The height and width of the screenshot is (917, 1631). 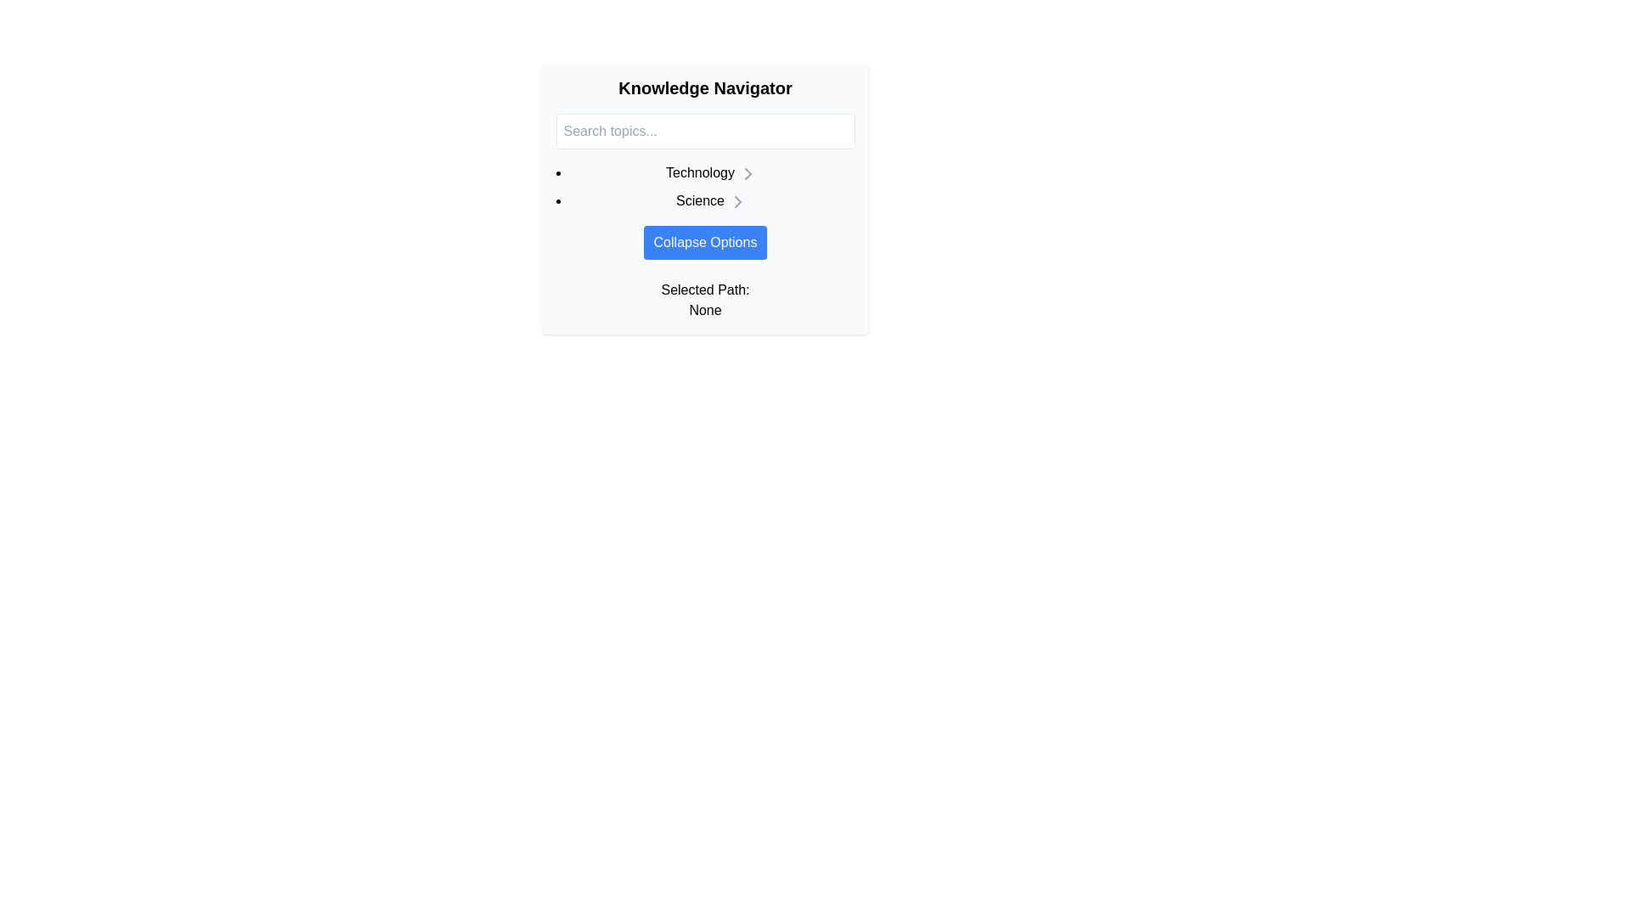 What do you see at coordinates (748, 173) in the screenshot?
I see `the chevron icon indicating additional content related to the 'Technology' topic` at bounding box center [748, 173].